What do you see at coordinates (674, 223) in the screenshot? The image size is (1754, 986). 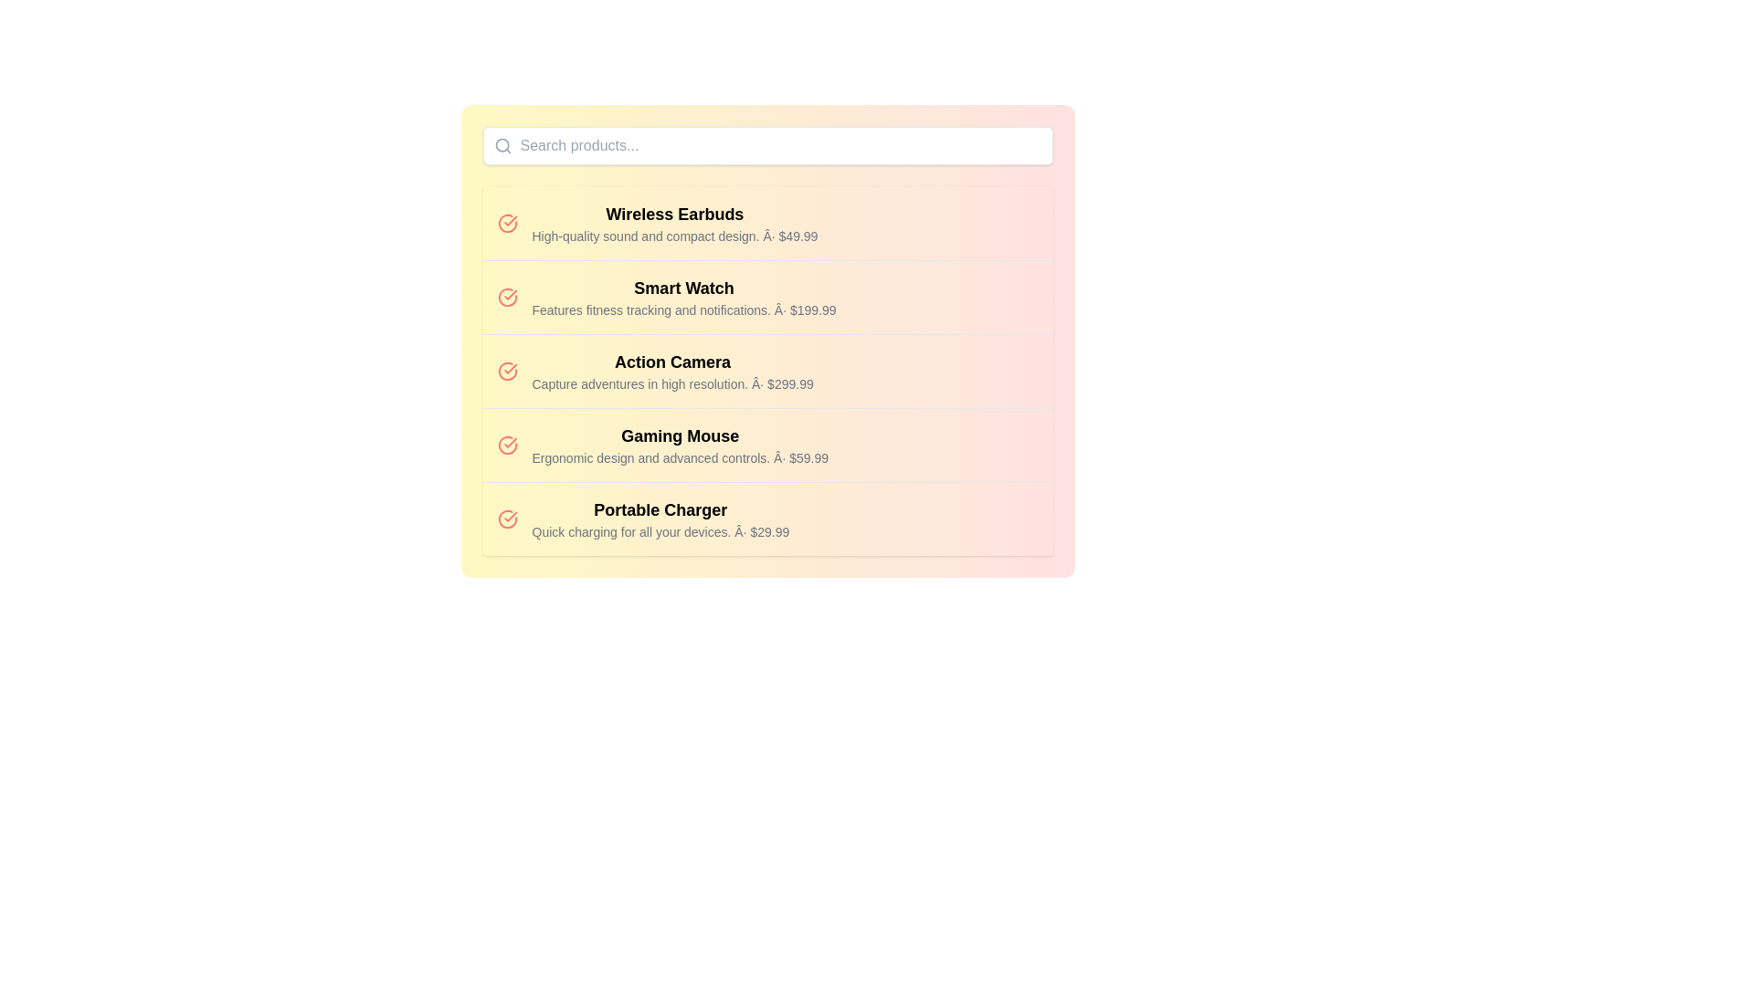 I see `product description and price text element located directly below the search bar in the center-left of the interface` at bounding box center [674, 223].